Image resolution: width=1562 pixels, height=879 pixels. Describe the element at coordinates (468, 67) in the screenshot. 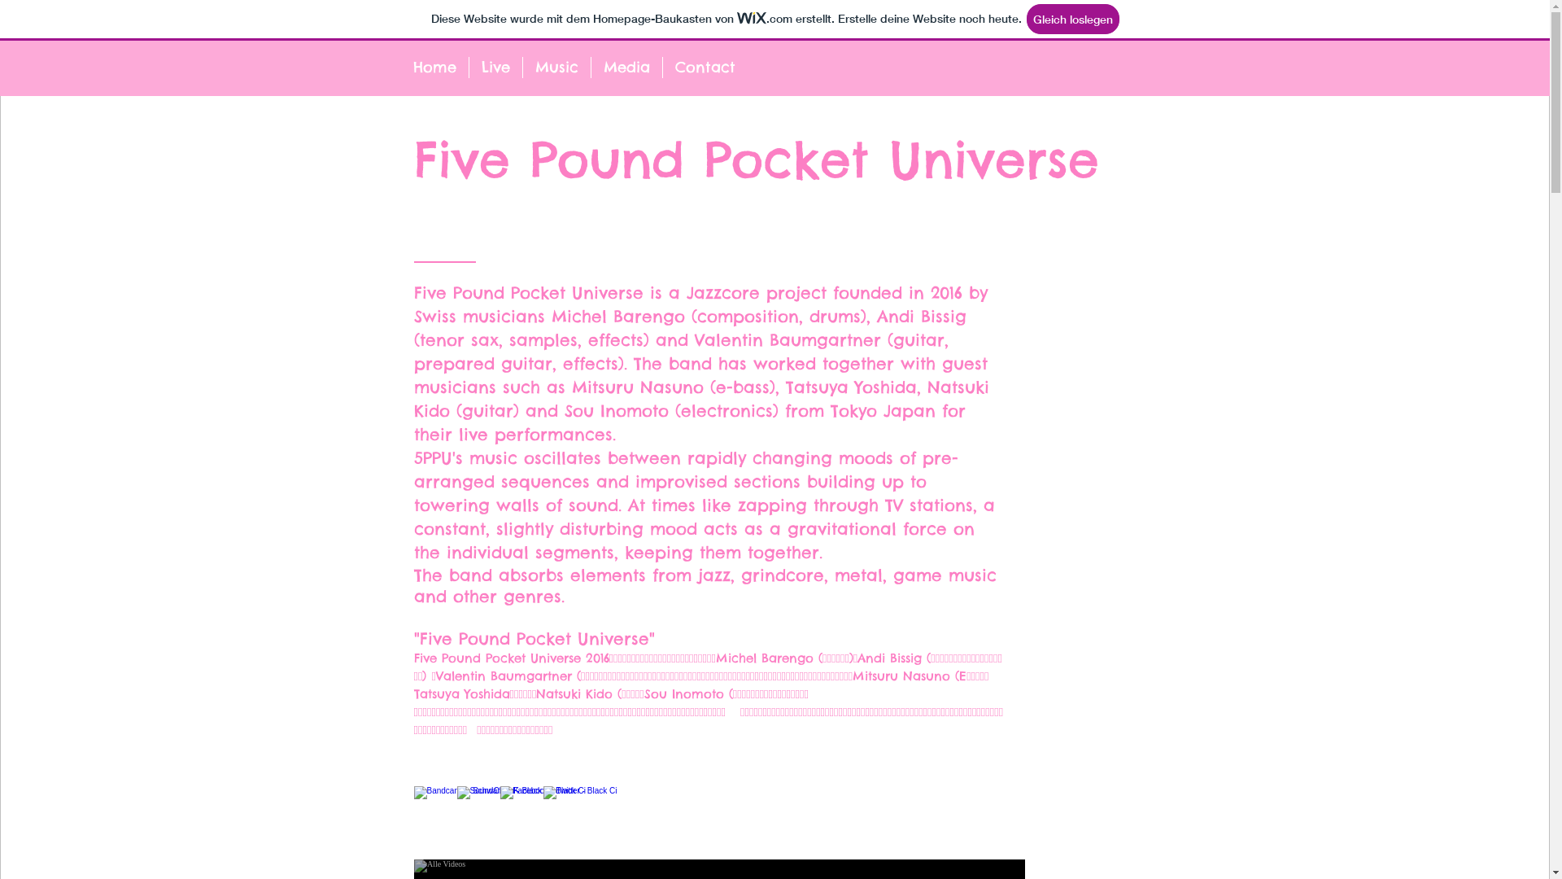

I see `'Live'` at that location.